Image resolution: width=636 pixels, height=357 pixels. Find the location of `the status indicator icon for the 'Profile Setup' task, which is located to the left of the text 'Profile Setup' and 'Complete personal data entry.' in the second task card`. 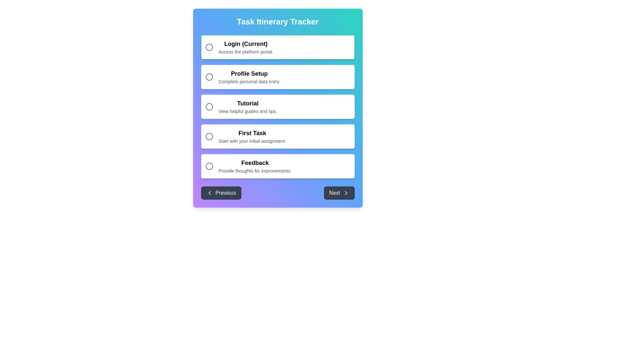

the status indicator icon for the 'Profile Setup' task, which is located to the left of the text 'Profile Setup' and 'Complete personal data entry.' in the second task card is located at coordinates (209, 76).